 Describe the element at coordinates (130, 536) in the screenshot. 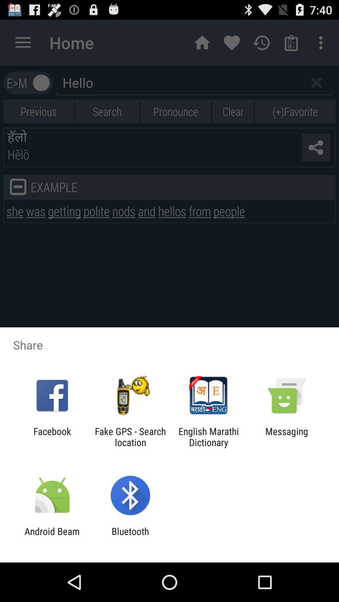

I see `item next to the android beam item` at that location.